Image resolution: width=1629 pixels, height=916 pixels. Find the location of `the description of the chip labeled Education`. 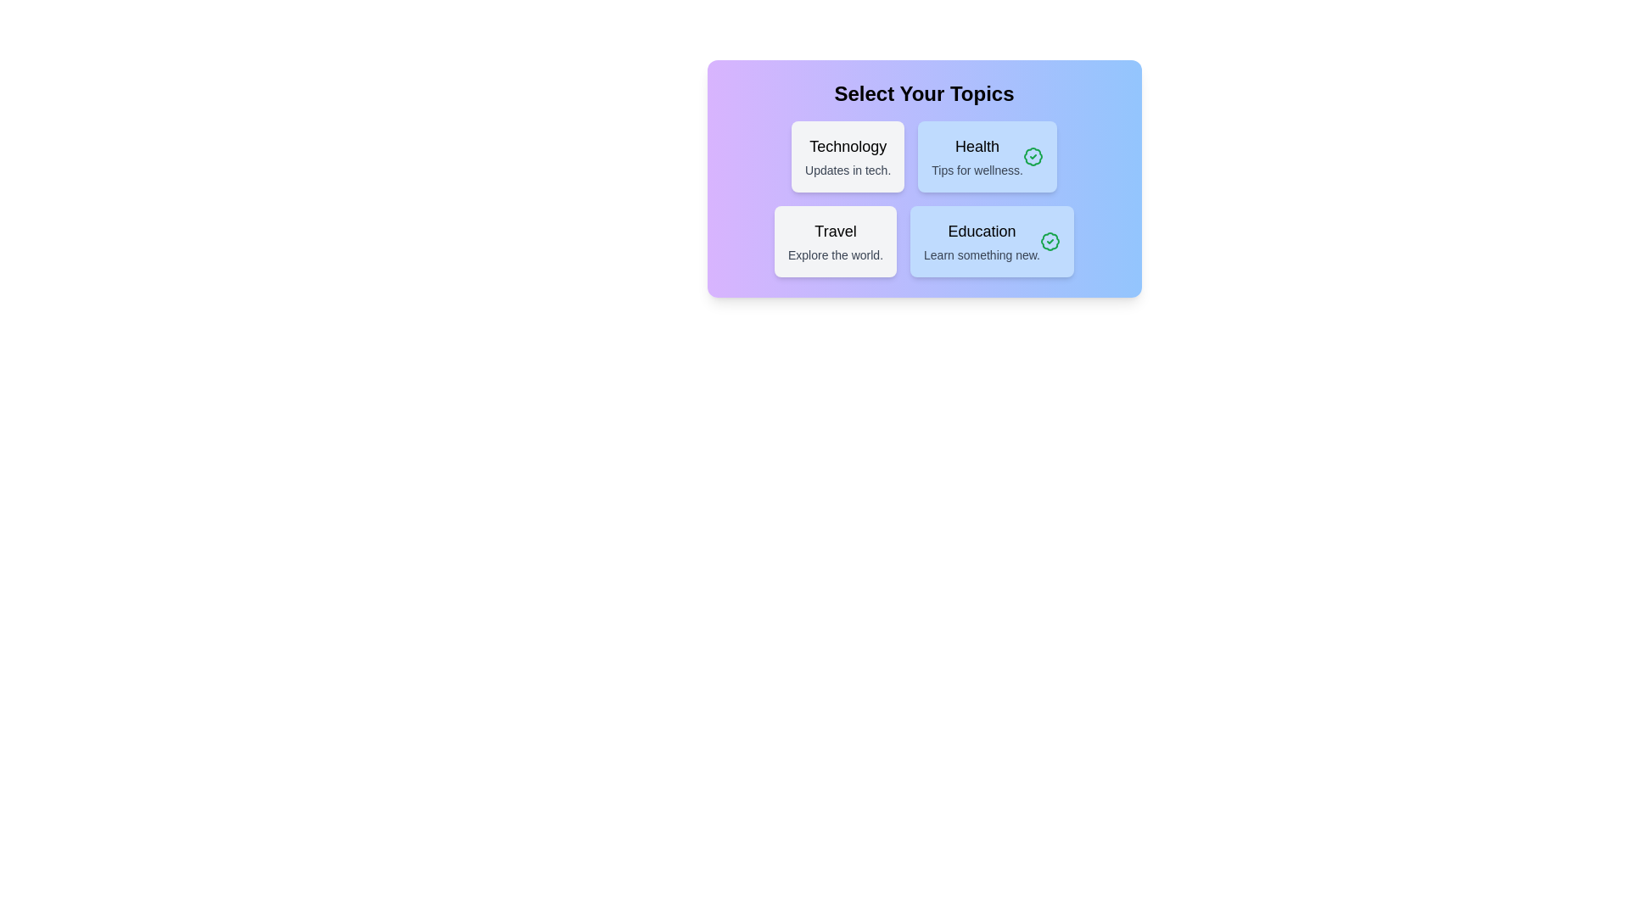

the description of the chip labeled Education is located at coordinates (992, 242).